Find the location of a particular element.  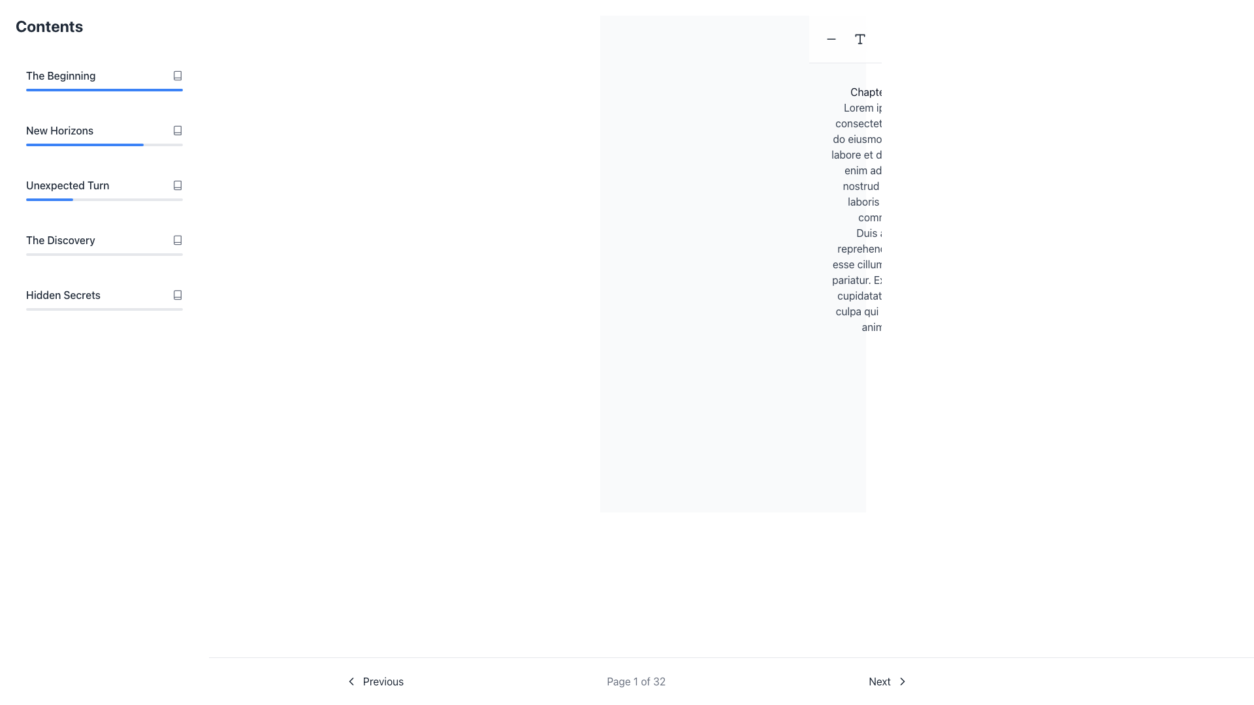

the progress visually on the fourth progress bar located under 'The Discovery' section is located at coordinates (103, 254).